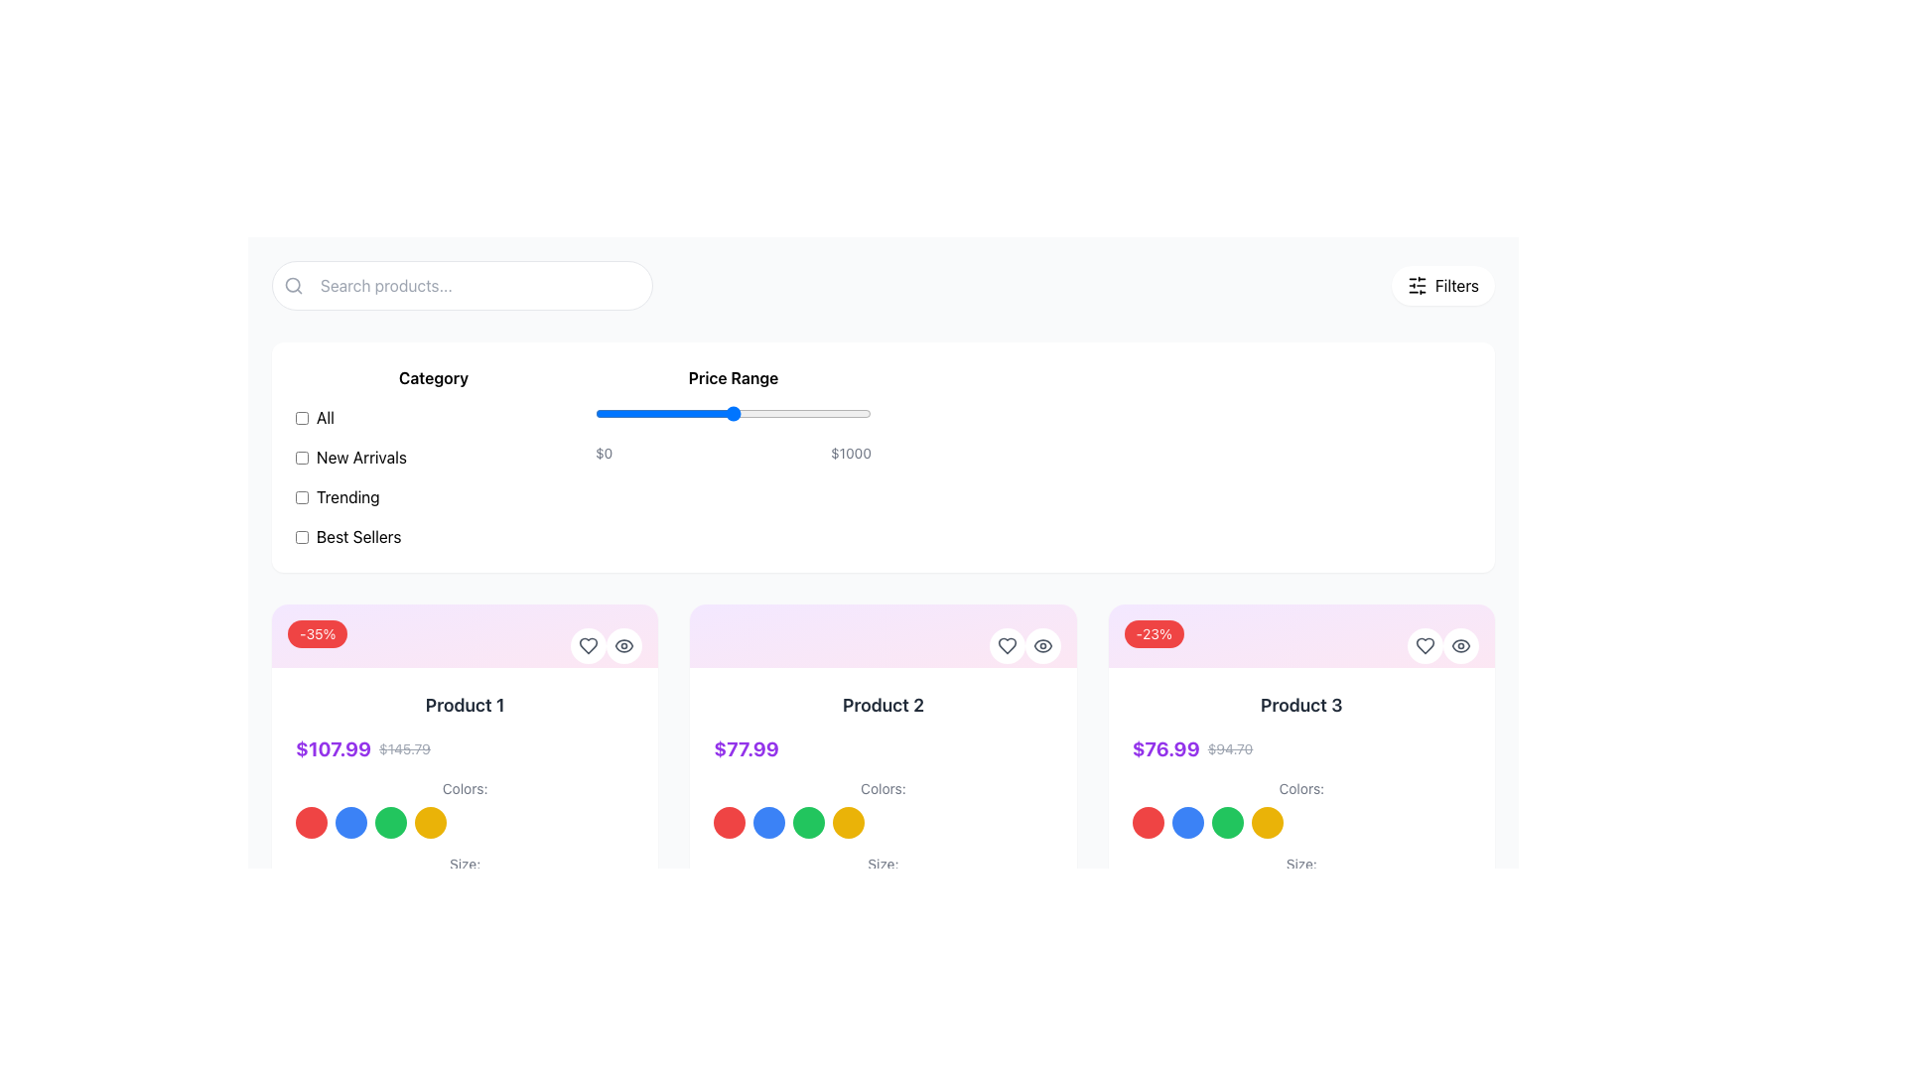 The image size is (1906, 1072). I want to click on the Text label that indicates color selection options in the second product card, located above the circular color swatches and below the product price section, so click(882, 787).